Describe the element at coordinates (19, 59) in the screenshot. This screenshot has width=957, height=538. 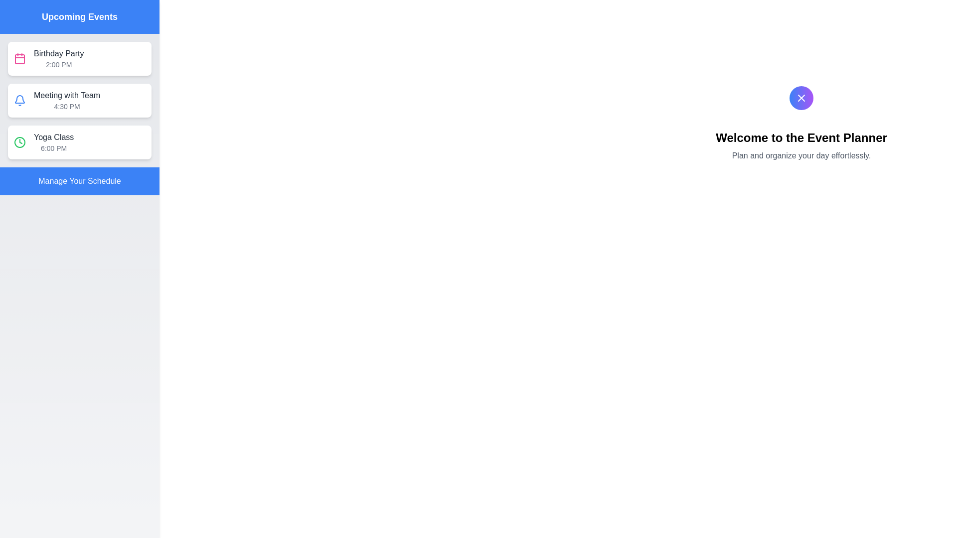
I see `the event icon representing the 'Birthday Party 2:00 PM' event, located in the upper-left corner of the first event block in the 'Upcoming Events' section of the left sidebar` at that location.